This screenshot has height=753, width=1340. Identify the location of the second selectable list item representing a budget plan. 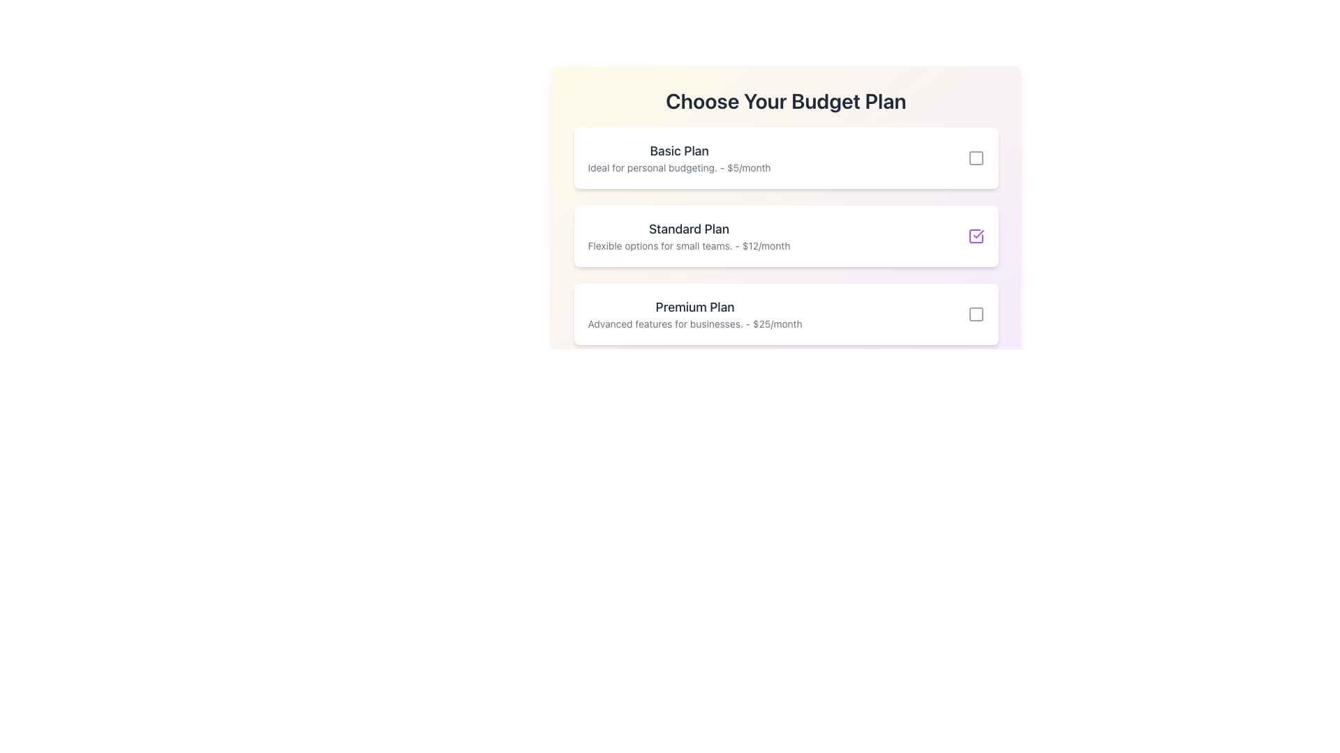
(786, 250).